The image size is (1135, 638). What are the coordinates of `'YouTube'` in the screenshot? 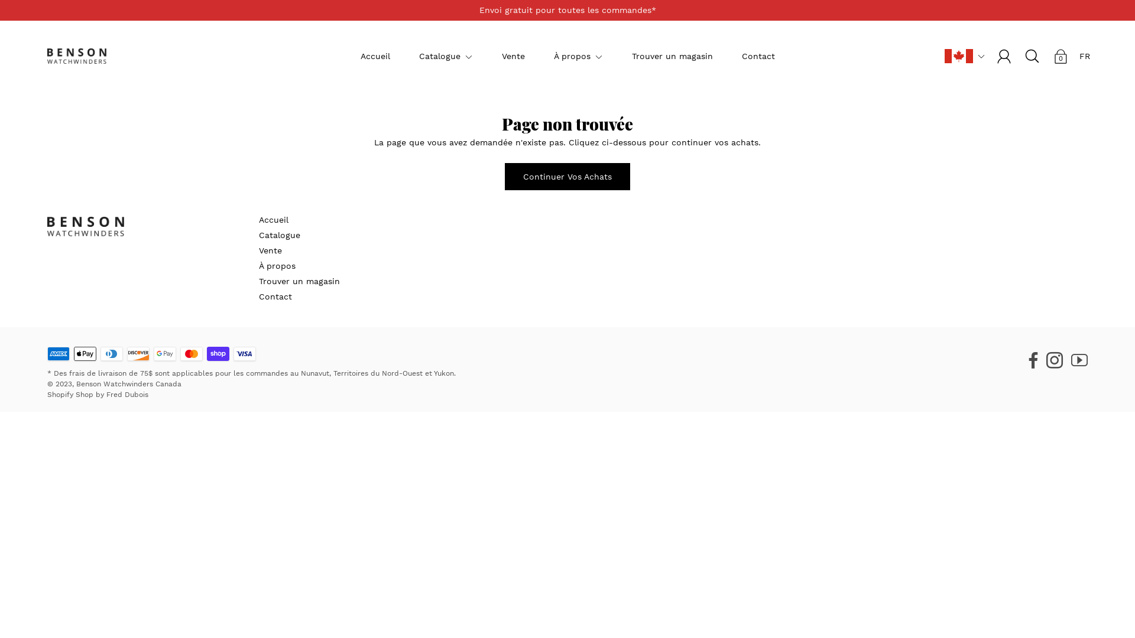 It's located at (1079, 357).